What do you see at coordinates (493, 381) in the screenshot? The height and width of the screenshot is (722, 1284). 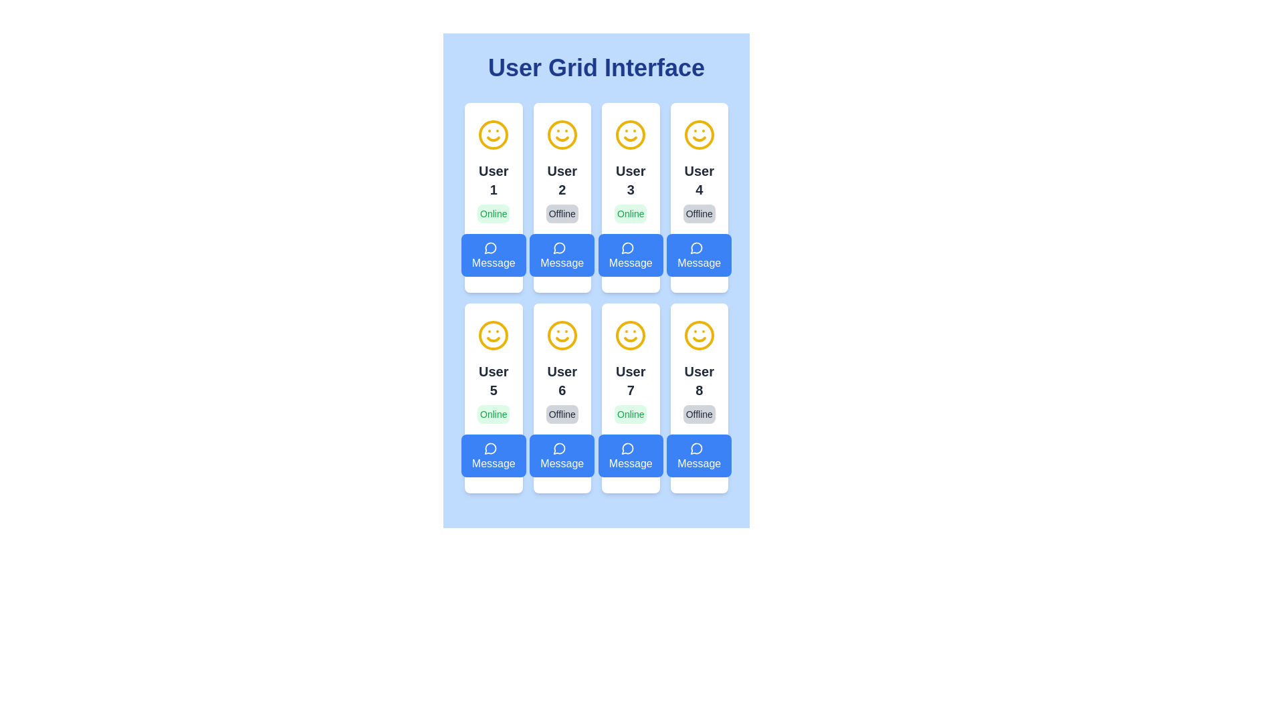 I see `the text label displaying the name 'User 5', which is the second text element in the second row of profile cards, located below the user's avatar and above the status indicator 'Online'` at bounding box center [493, 381].